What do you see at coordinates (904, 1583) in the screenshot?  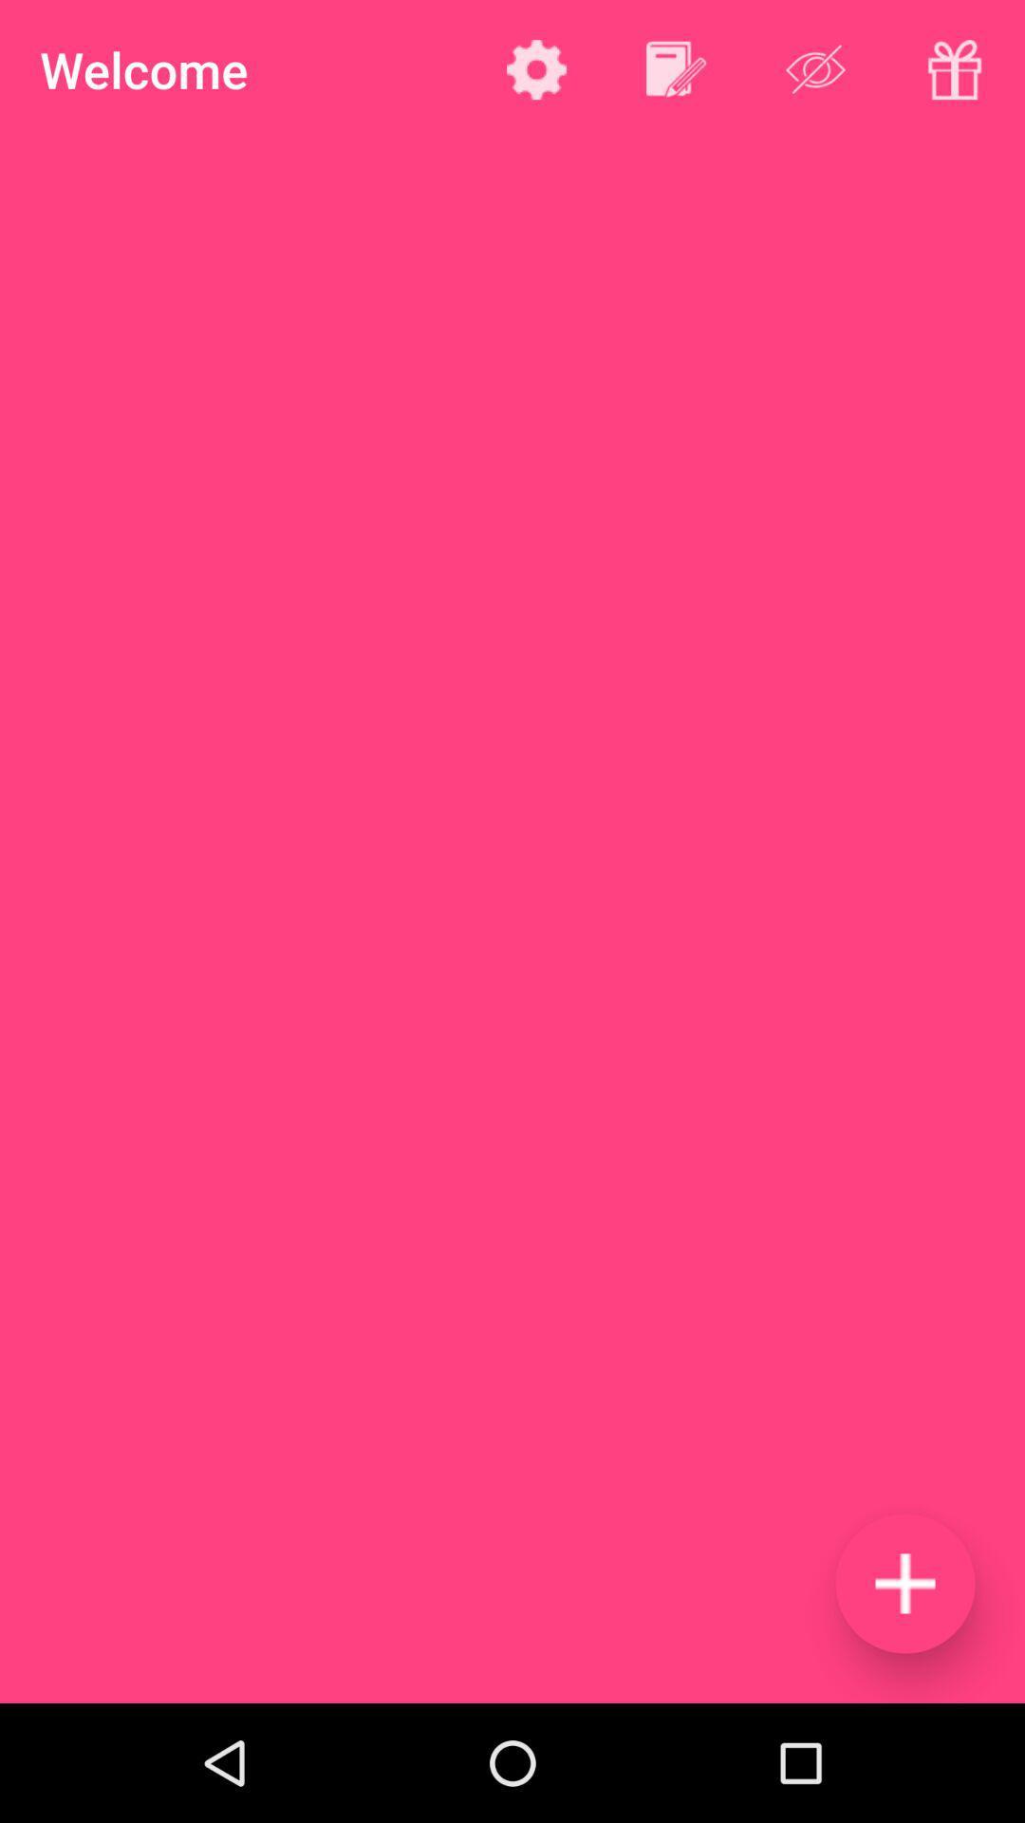 I see `item` at bounding box center [904, 1583].